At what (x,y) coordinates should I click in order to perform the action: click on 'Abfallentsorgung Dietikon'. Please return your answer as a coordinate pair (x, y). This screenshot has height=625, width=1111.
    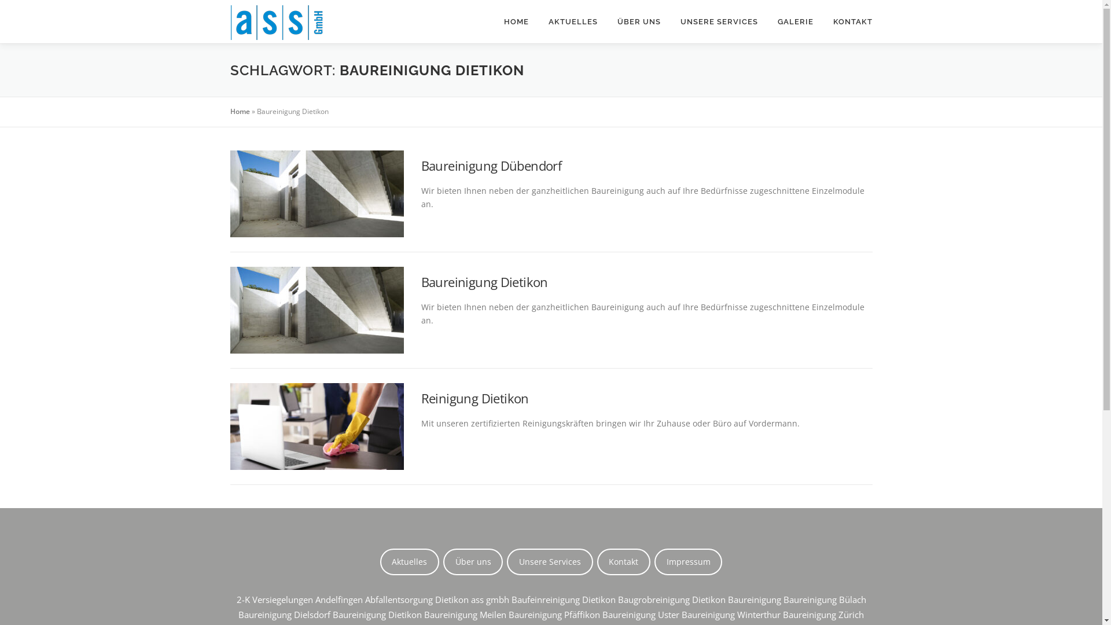
    Looking at the image, I should click on (416, 599).